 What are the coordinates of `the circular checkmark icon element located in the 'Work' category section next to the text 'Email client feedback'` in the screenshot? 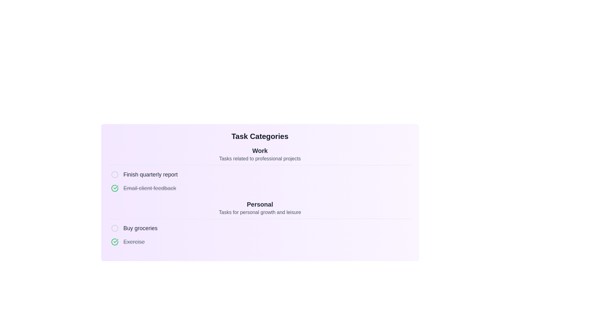 It's located at (115, 241).